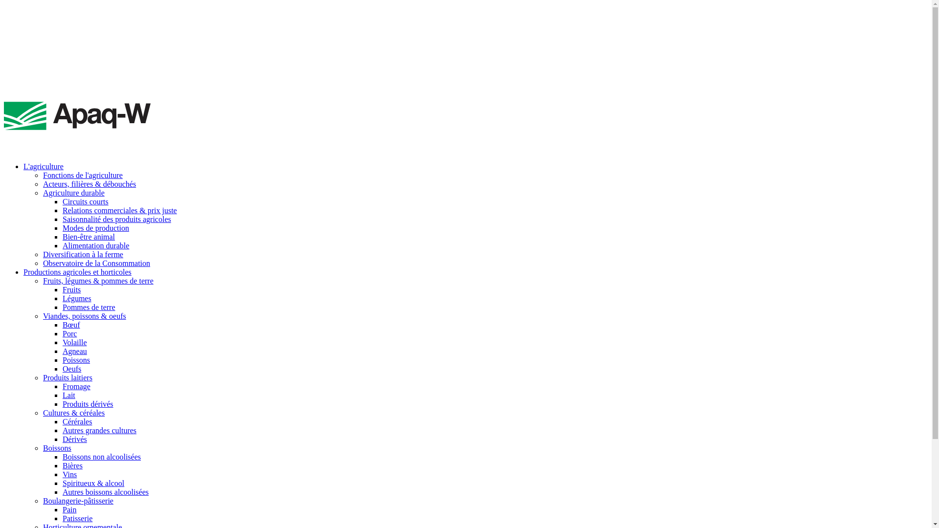 The image size is (939, 528). What do you see at coordinates (84, 316) in the screenshot?
I see `'Viandes, poissons & oeufs'` at bounding box center [84, 316].